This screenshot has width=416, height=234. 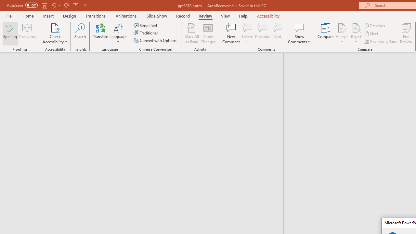 What do you see at coordinates (55, 27) in the screenshot?
I see `'Check Accessibility'` at bounding box center [55, 27].